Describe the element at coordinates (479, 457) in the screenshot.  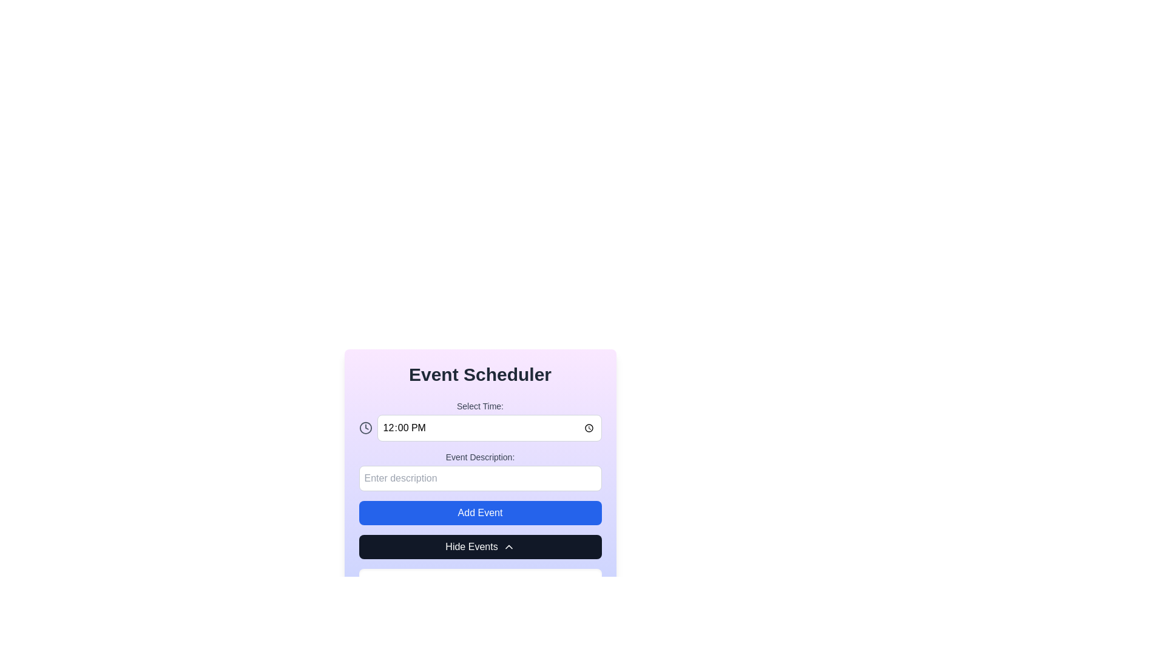
I see `the text label reading 'Event Description:' which is styled in gray and positioned above the event description input field` at that location.